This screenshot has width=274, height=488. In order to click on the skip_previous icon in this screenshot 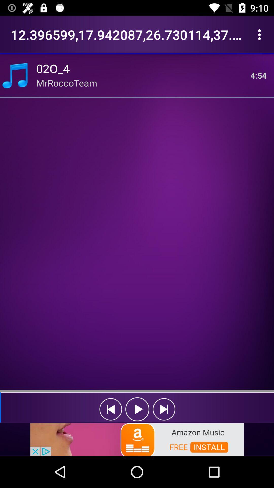, I will do `click(110, 409)`.